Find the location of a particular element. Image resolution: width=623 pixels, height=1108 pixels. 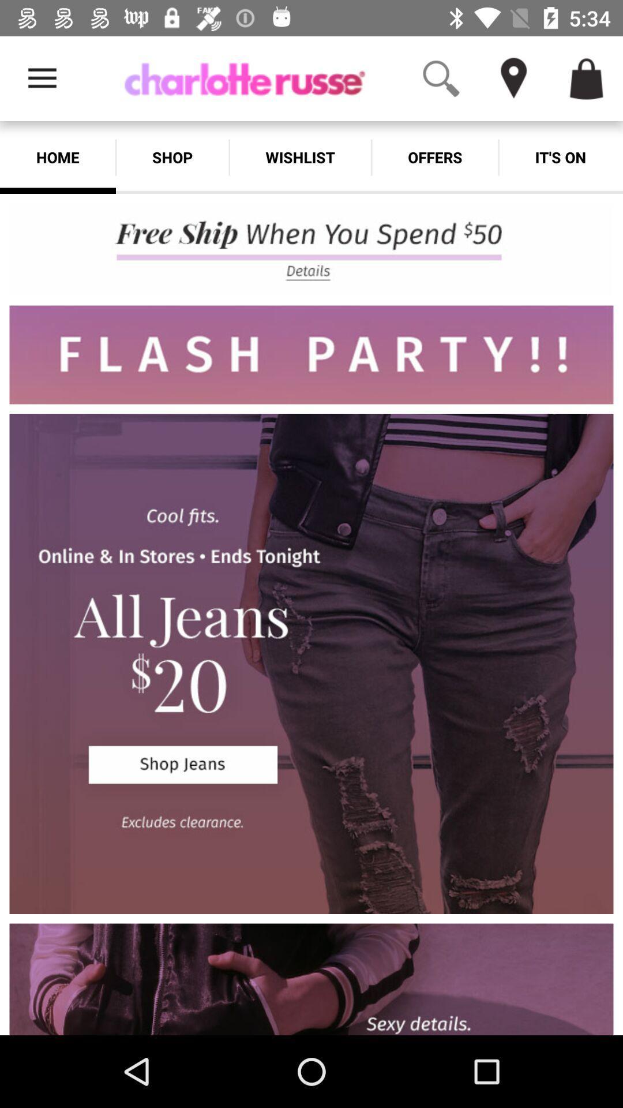

the home item is located at coordinates (58, 157).